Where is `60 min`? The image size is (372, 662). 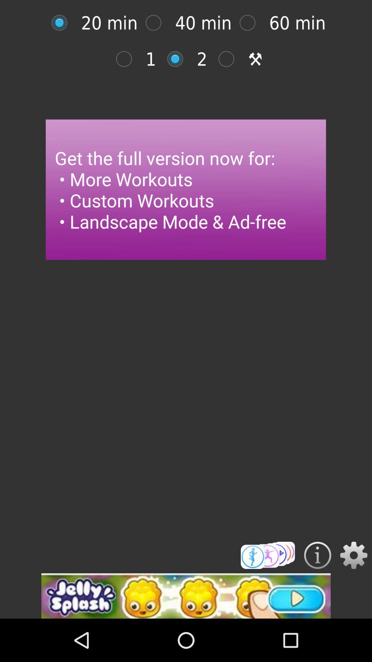
60 min is located at coordinates (251, 23).